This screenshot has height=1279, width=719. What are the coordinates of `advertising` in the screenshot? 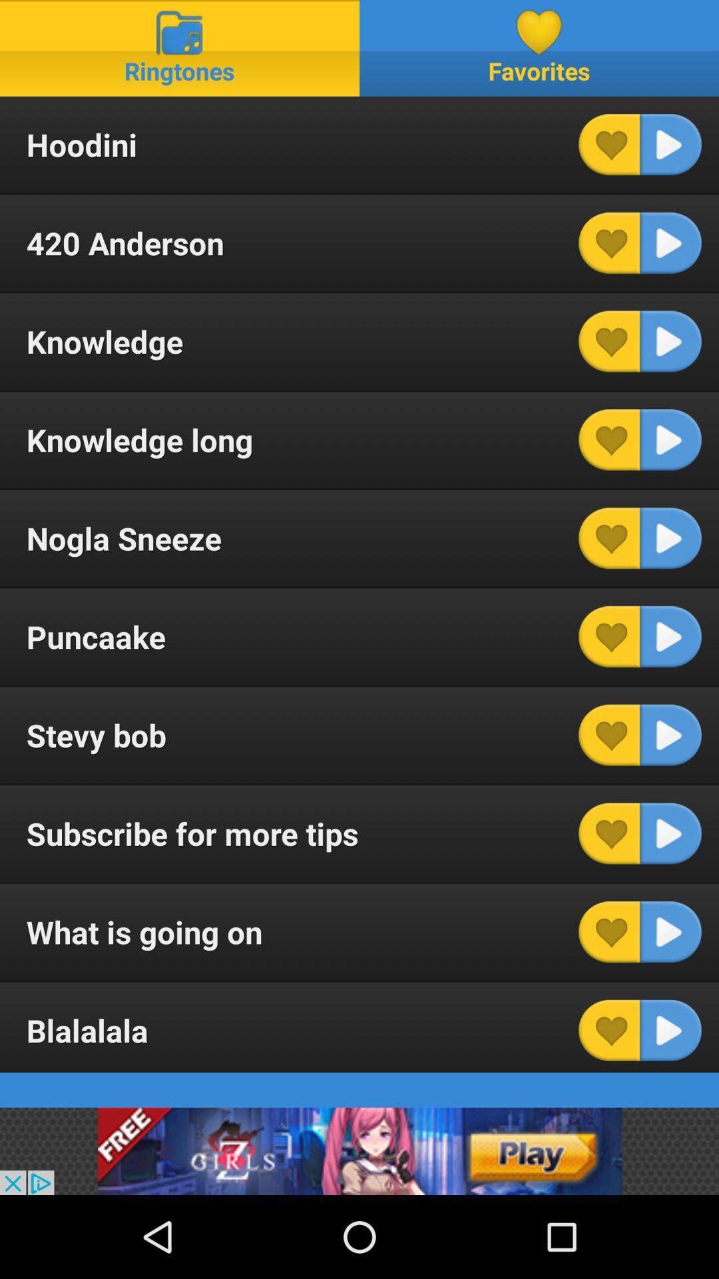 It's located at (359, 1150).